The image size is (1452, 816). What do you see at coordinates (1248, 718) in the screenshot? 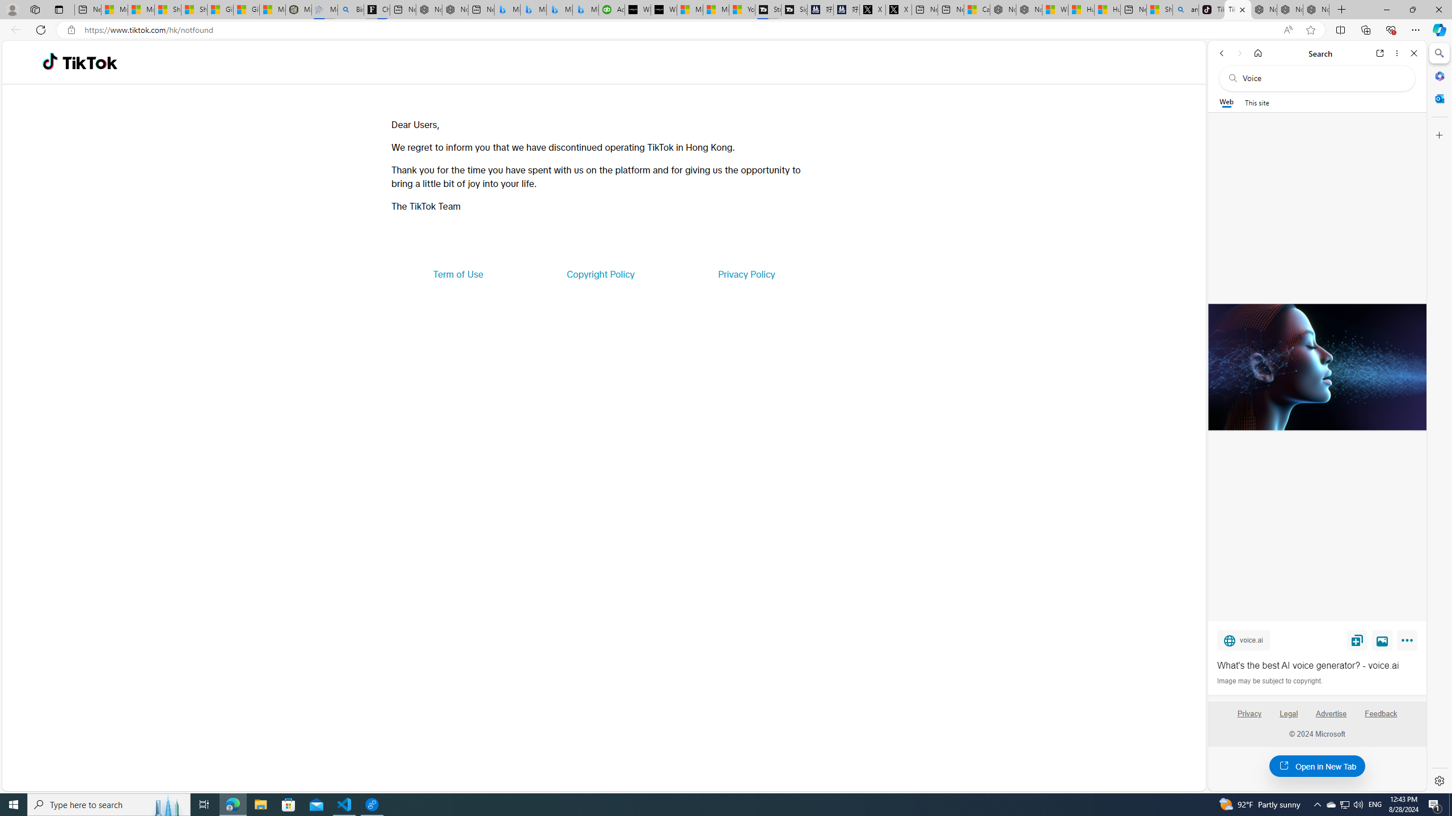
I see `'Privacy'` at bounding box center [1248, 718].